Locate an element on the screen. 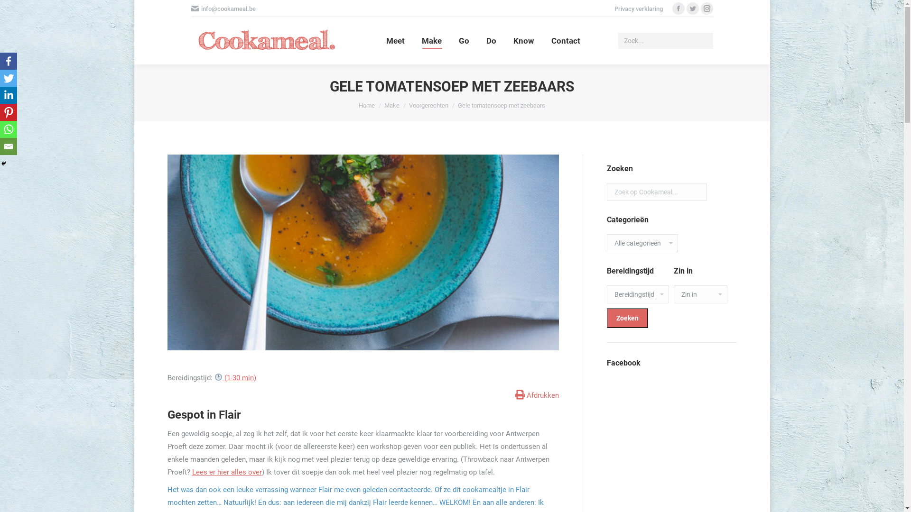 Image resolution: width=911 pixels, height=512 pixels. 'Facebook' is located at coordinates (9, 61).